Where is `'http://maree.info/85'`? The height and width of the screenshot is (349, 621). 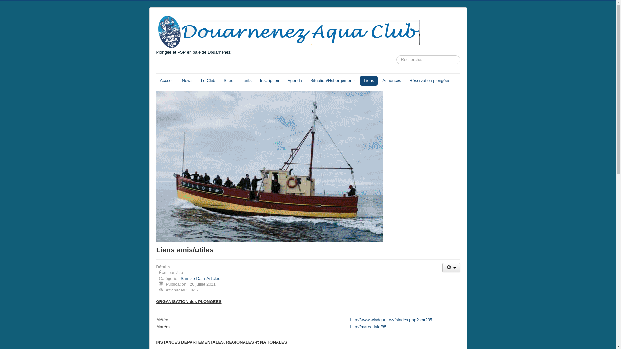 'http://maree.info/85' is located at coordinates (368, 327).